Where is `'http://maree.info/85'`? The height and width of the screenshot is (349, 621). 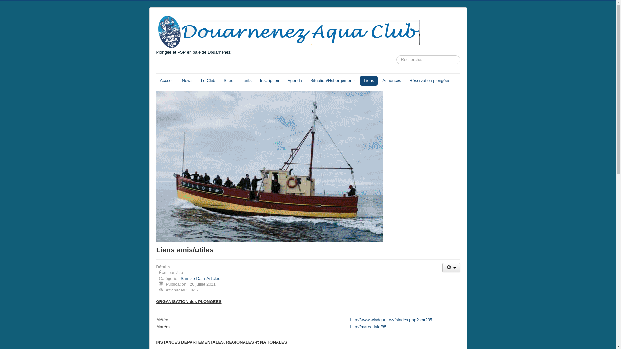 'http://maree.info/85' is located at coordinates (368, 327).